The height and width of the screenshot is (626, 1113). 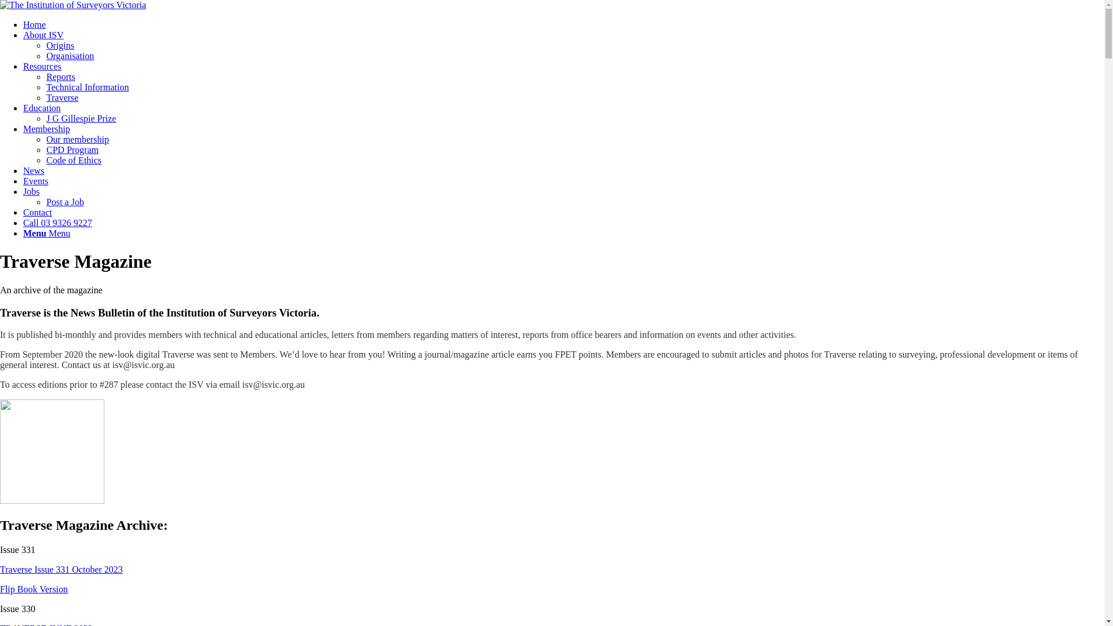 I want to click on 'About ISV', so click(x=43, y=34).